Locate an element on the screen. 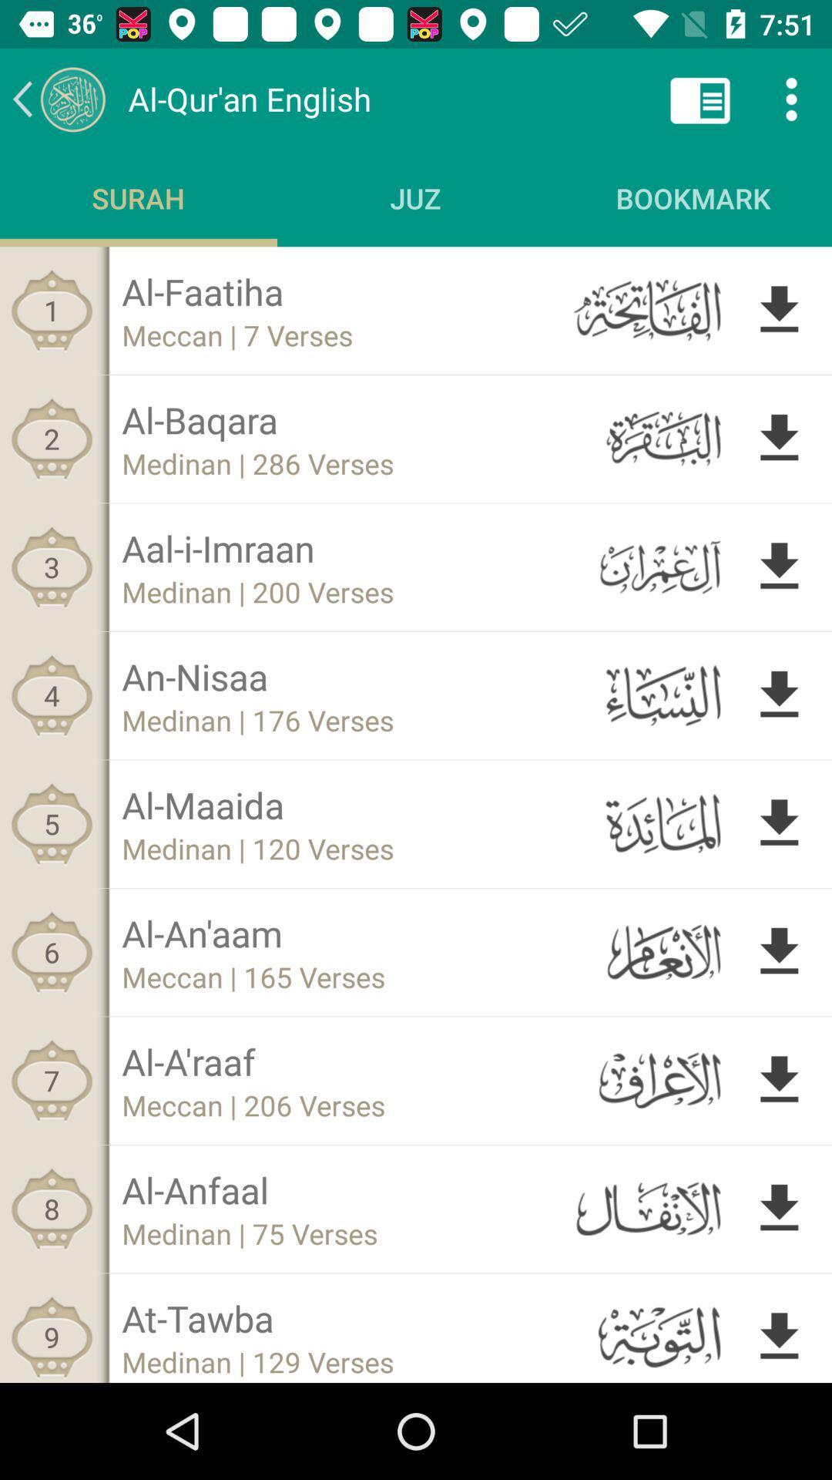  for download option is located at coordinates (779, 438).